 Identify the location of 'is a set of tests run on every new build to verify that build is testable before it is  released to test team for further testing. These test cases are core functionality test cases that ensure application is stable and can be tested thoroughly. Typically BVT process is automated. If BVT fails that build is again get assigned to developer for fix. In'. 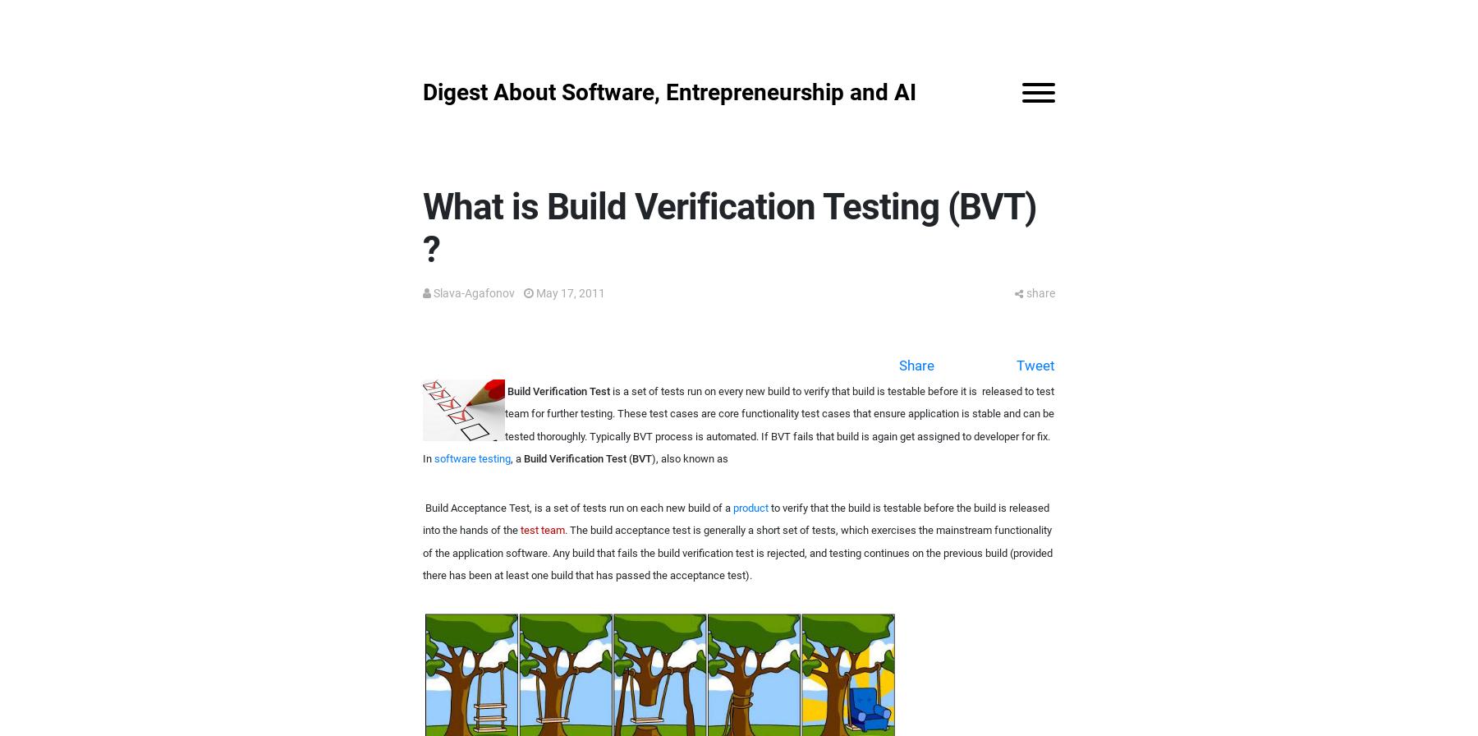
(738, 424).